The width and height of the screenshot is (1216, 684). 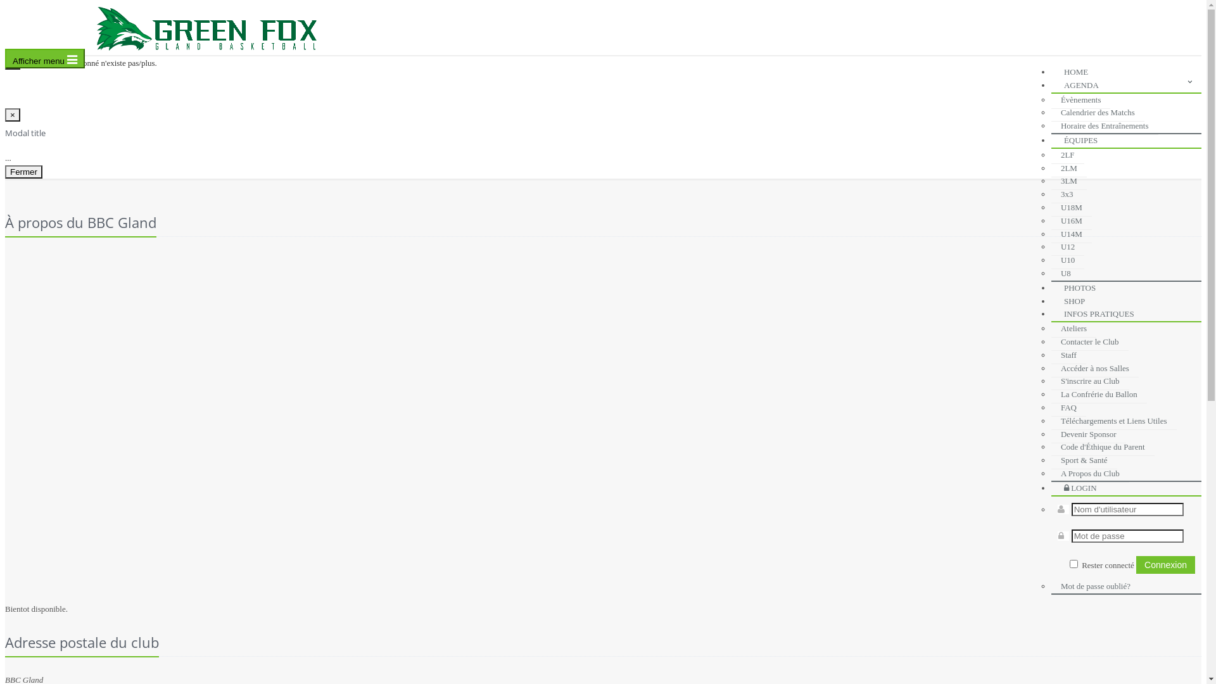 I want to click on 'LOGIN', so click(x=1051, y=486).